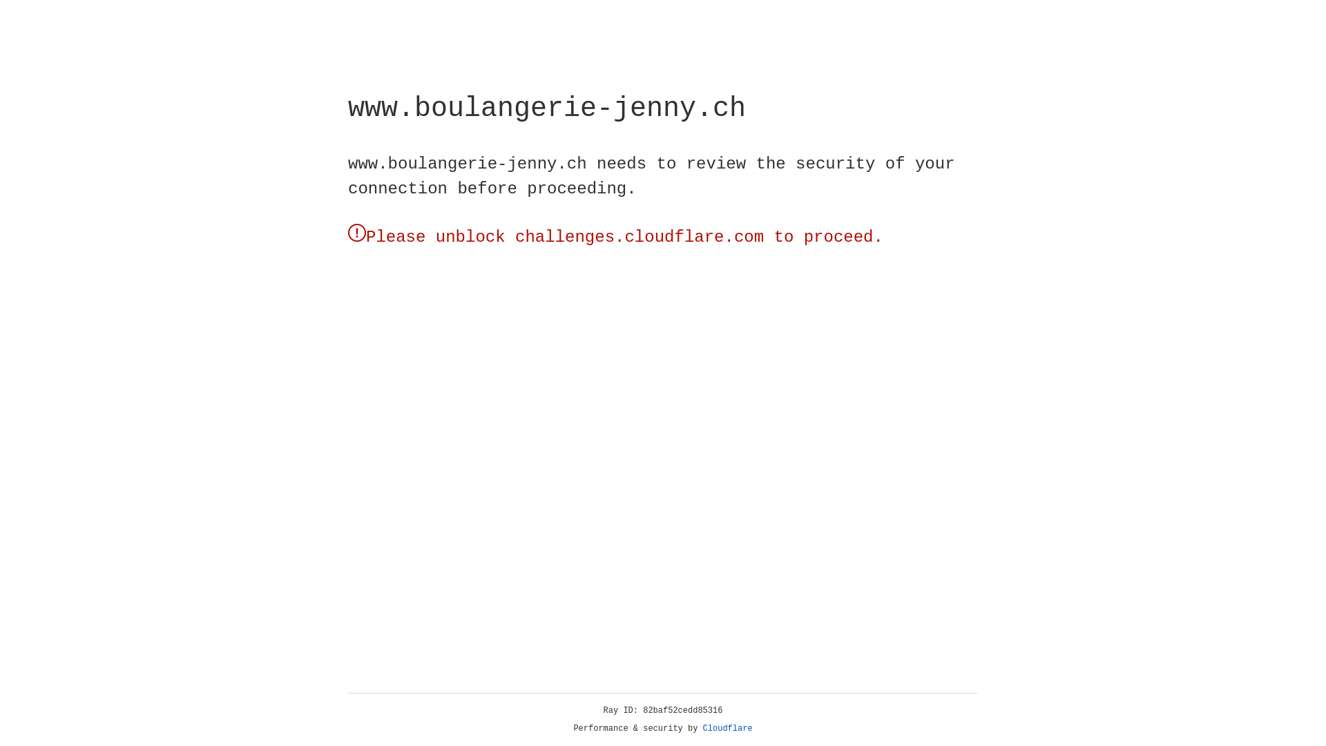 The image size is (1326, 746). Describe the element at coordinates (727, 728) in the screenshot. I see `'Cloudflare'` at that location.